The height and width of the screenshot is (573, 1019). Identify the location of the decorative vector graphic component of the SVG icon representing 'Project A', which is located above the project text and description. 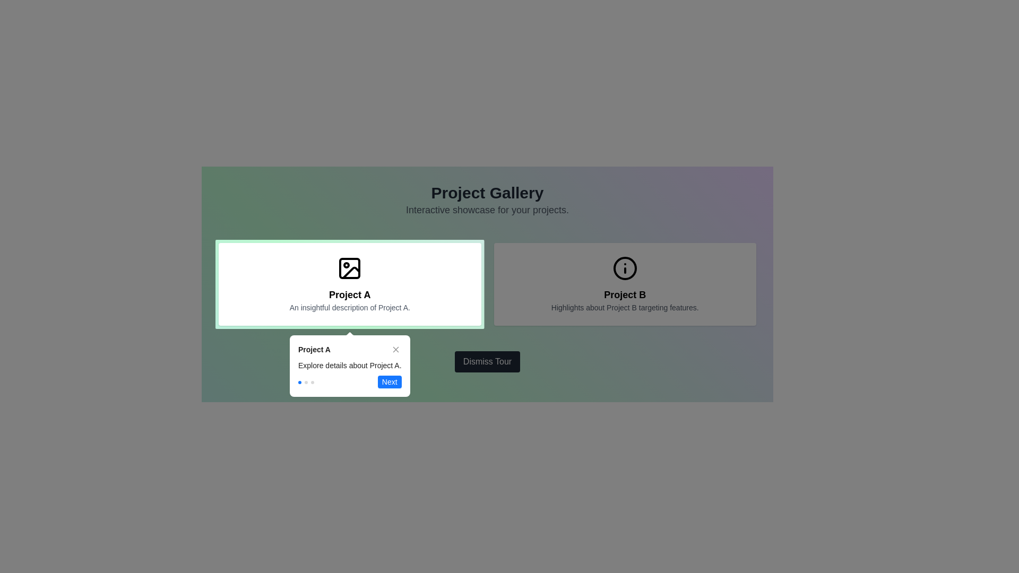
(351, 272).